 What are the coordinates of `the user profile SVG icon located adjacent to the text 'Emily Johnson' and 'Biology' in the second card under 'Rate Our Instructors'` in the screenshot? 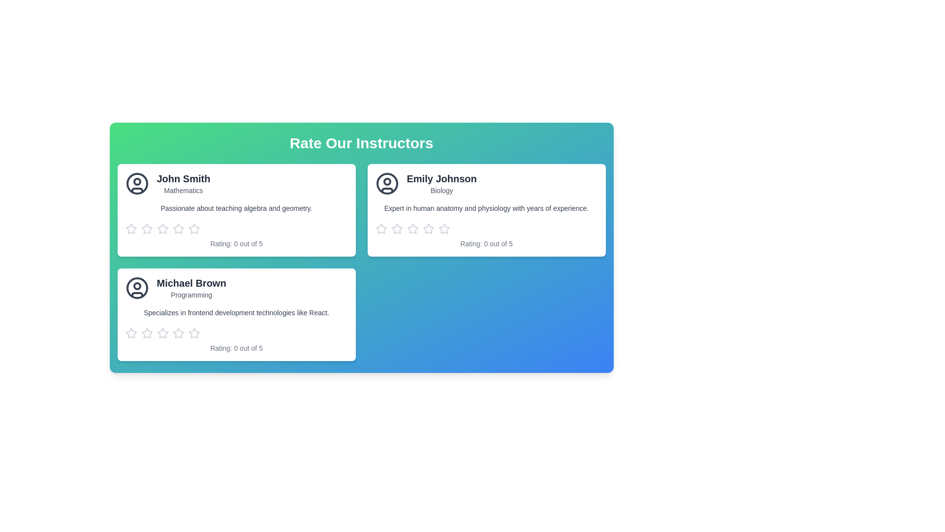 It's located at (386, 184).